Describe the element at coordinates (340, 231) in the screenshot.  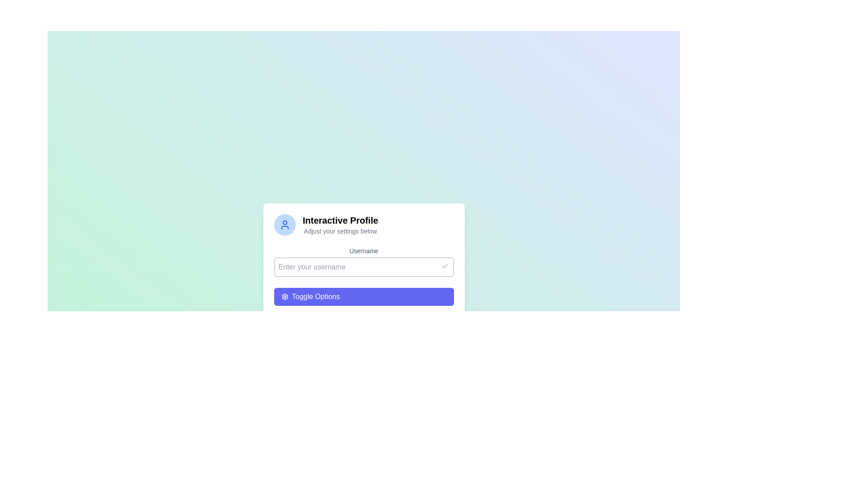
I see `the text label element reading 'Adjust your settings below,' which is styled in a small gray font and positioned directly below the heading 'Interactive Profile.'` at that location.